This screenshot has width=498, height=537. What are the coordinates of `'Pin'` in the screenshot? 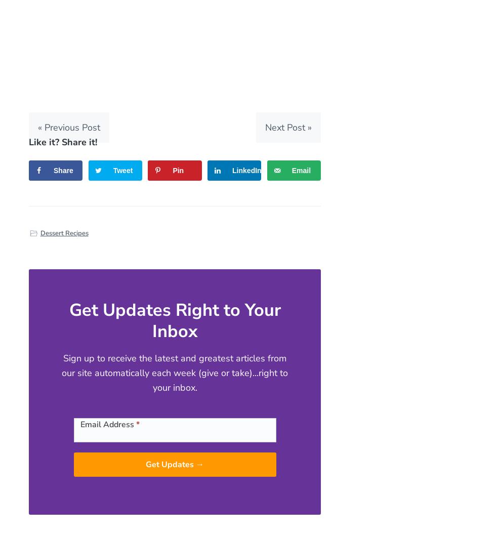 It's located at (177, 170).